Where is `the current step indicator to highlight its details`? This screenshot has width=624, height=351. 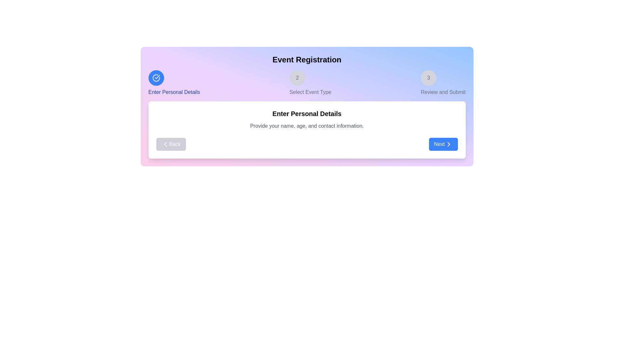
the current step indicator to highlight its details is located at coordinates (156, 77).